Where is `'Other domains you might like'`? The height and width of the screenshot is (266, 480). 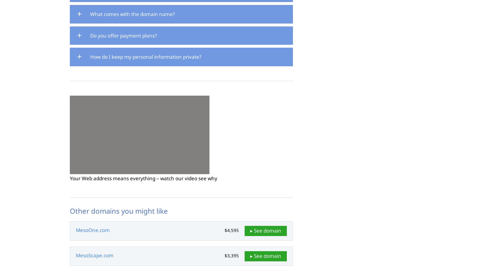 'Other domains you might like' is located at coordinates (119, 210).